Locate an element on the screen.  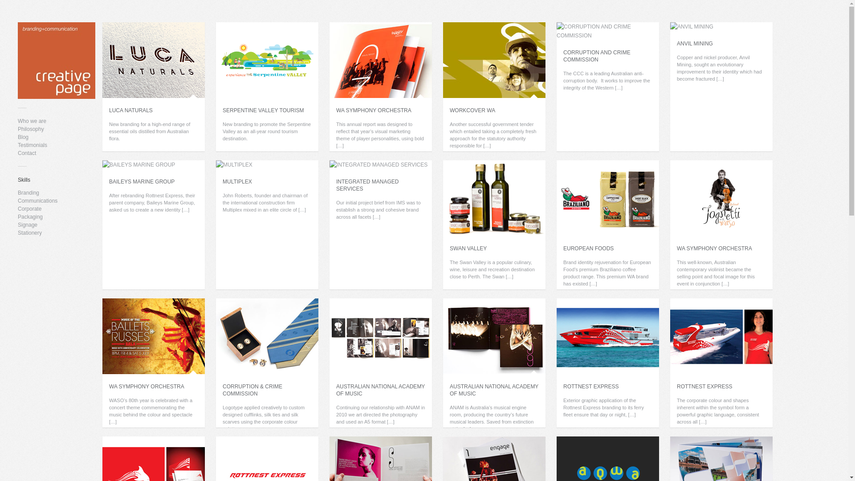
'Packaging' is located at coordinates (17, 216).